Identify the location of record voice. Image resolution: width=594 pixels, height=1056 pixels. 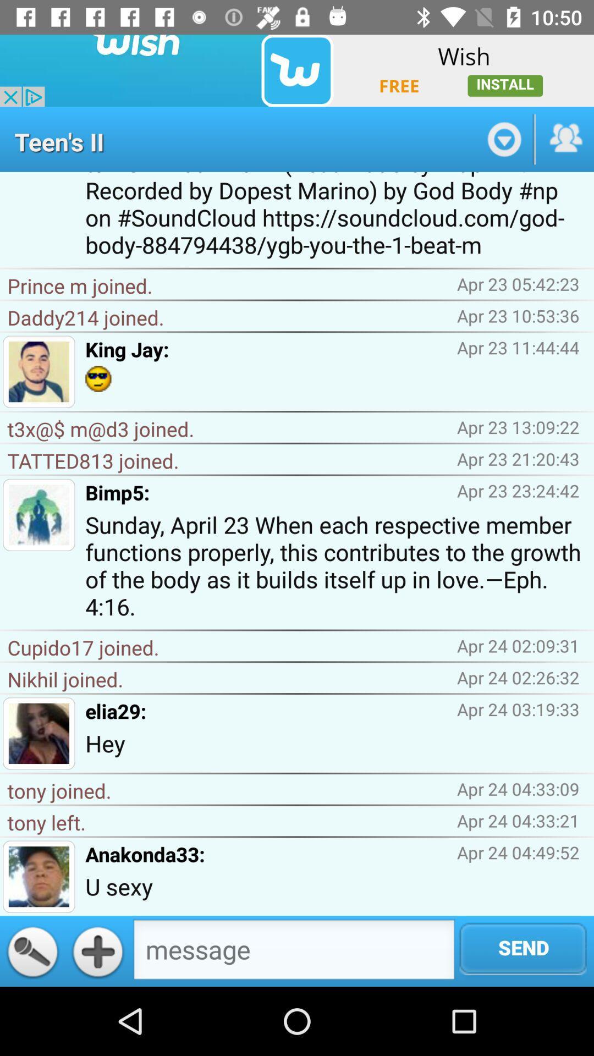
(32, 950).